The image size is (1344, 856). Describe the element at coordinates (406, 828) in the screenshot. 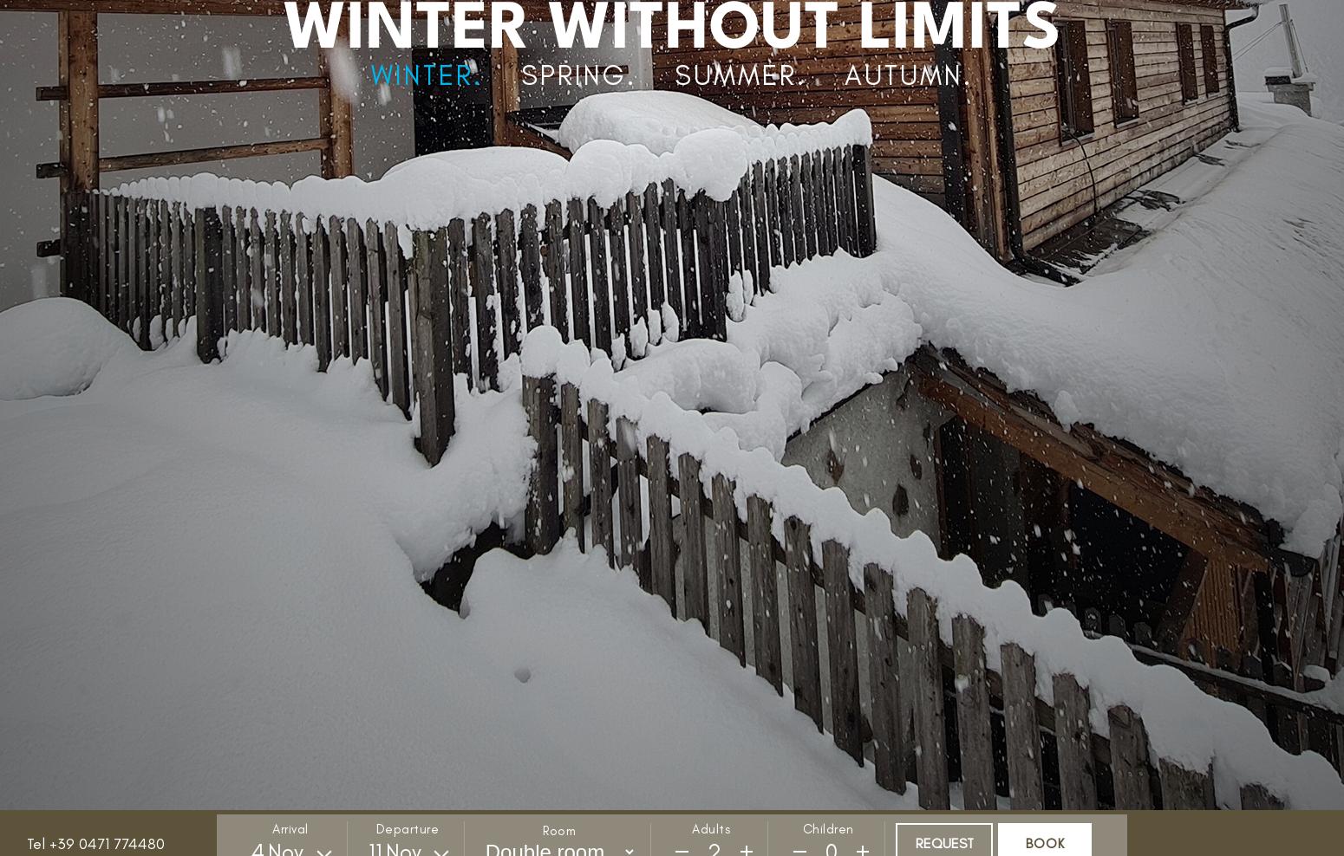

I see `'Departure'` at that location.